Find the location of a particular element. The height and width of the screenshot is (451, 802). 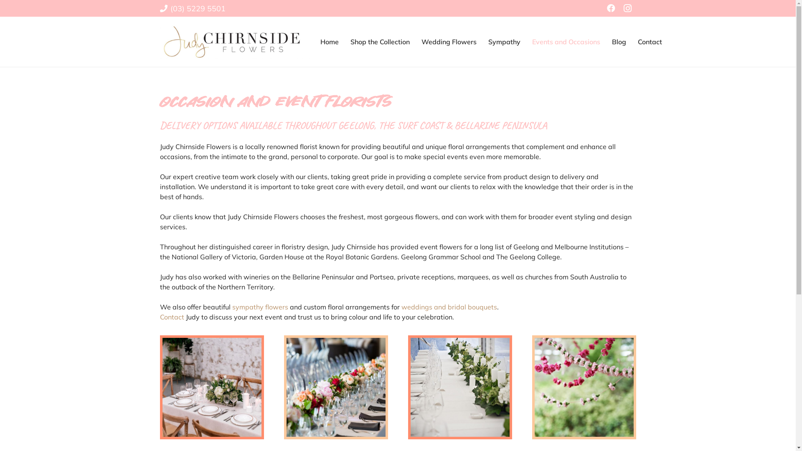

'Contact' is located at coordinates (649, 42).